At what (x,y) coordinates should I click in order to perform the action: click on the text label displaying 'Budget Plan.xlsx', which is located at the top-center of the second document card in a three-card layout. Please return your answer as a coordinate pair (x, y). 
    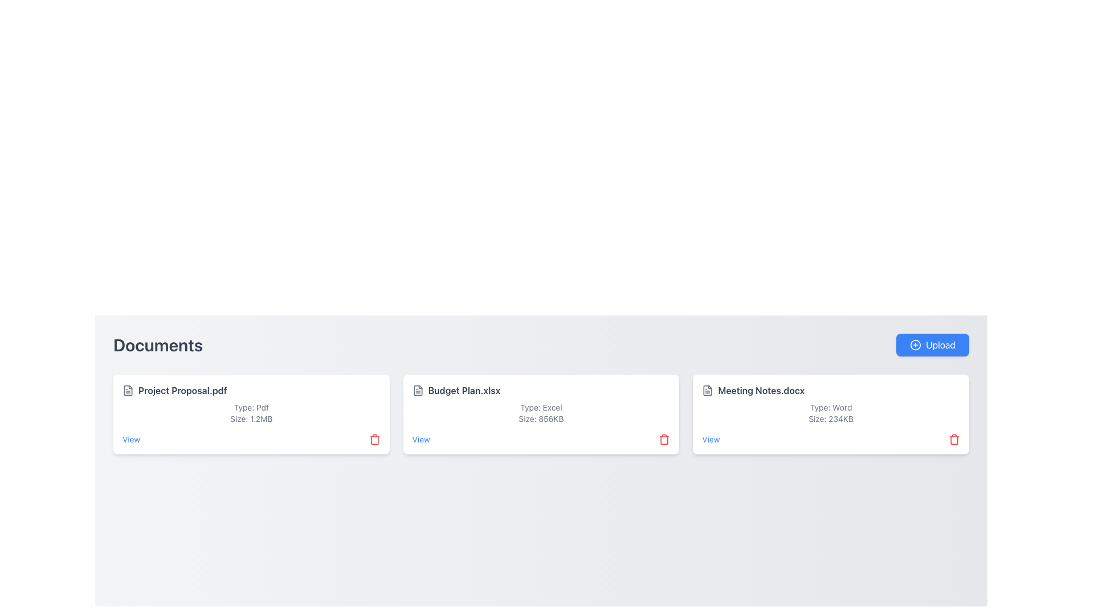
    Looking at the image, I should click on (464, 390).